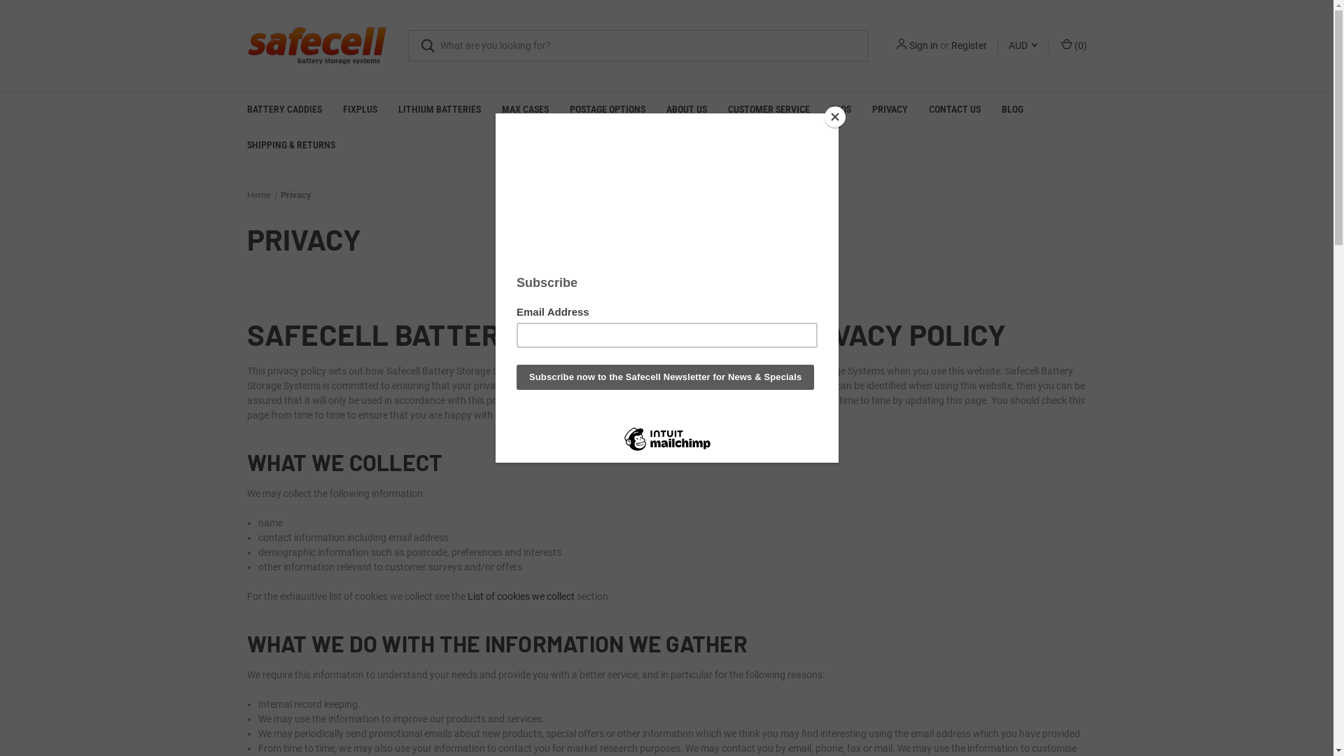 This screenshot has height=756, width=1344. Describe the element at coordinates (685, 108) in the screenshot. I see `'ABOUT US'` at that location.